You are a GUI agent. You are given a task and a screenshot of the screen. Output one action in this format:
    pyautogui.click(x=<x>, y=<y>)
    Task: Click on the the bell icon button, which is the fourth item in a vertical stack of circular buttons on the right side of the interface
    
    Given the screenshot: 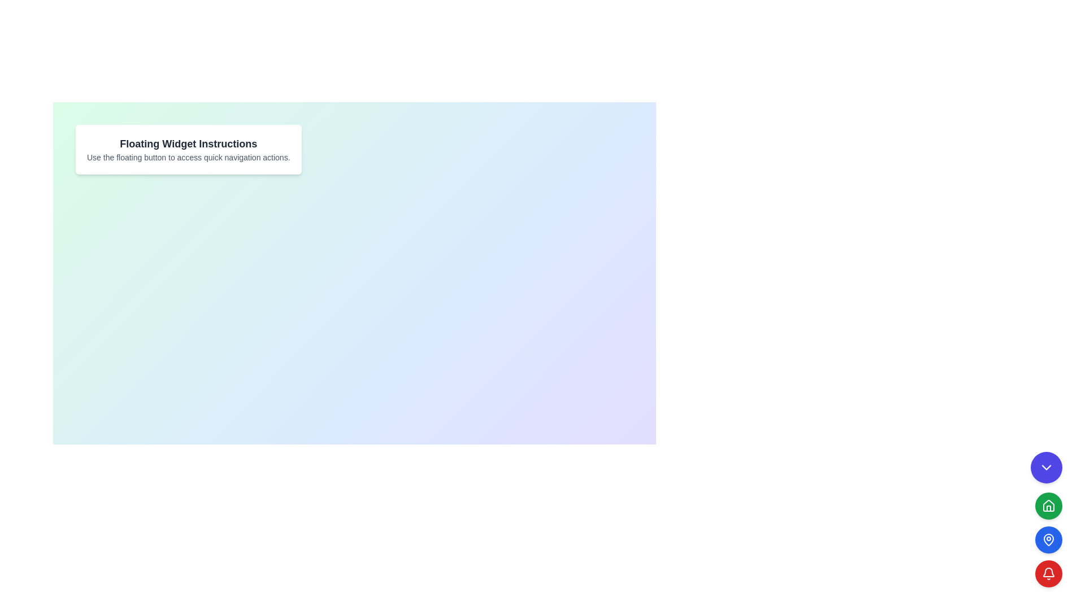 What is the action you would take?
    pyautogui.click(x=1048, y=573)
    